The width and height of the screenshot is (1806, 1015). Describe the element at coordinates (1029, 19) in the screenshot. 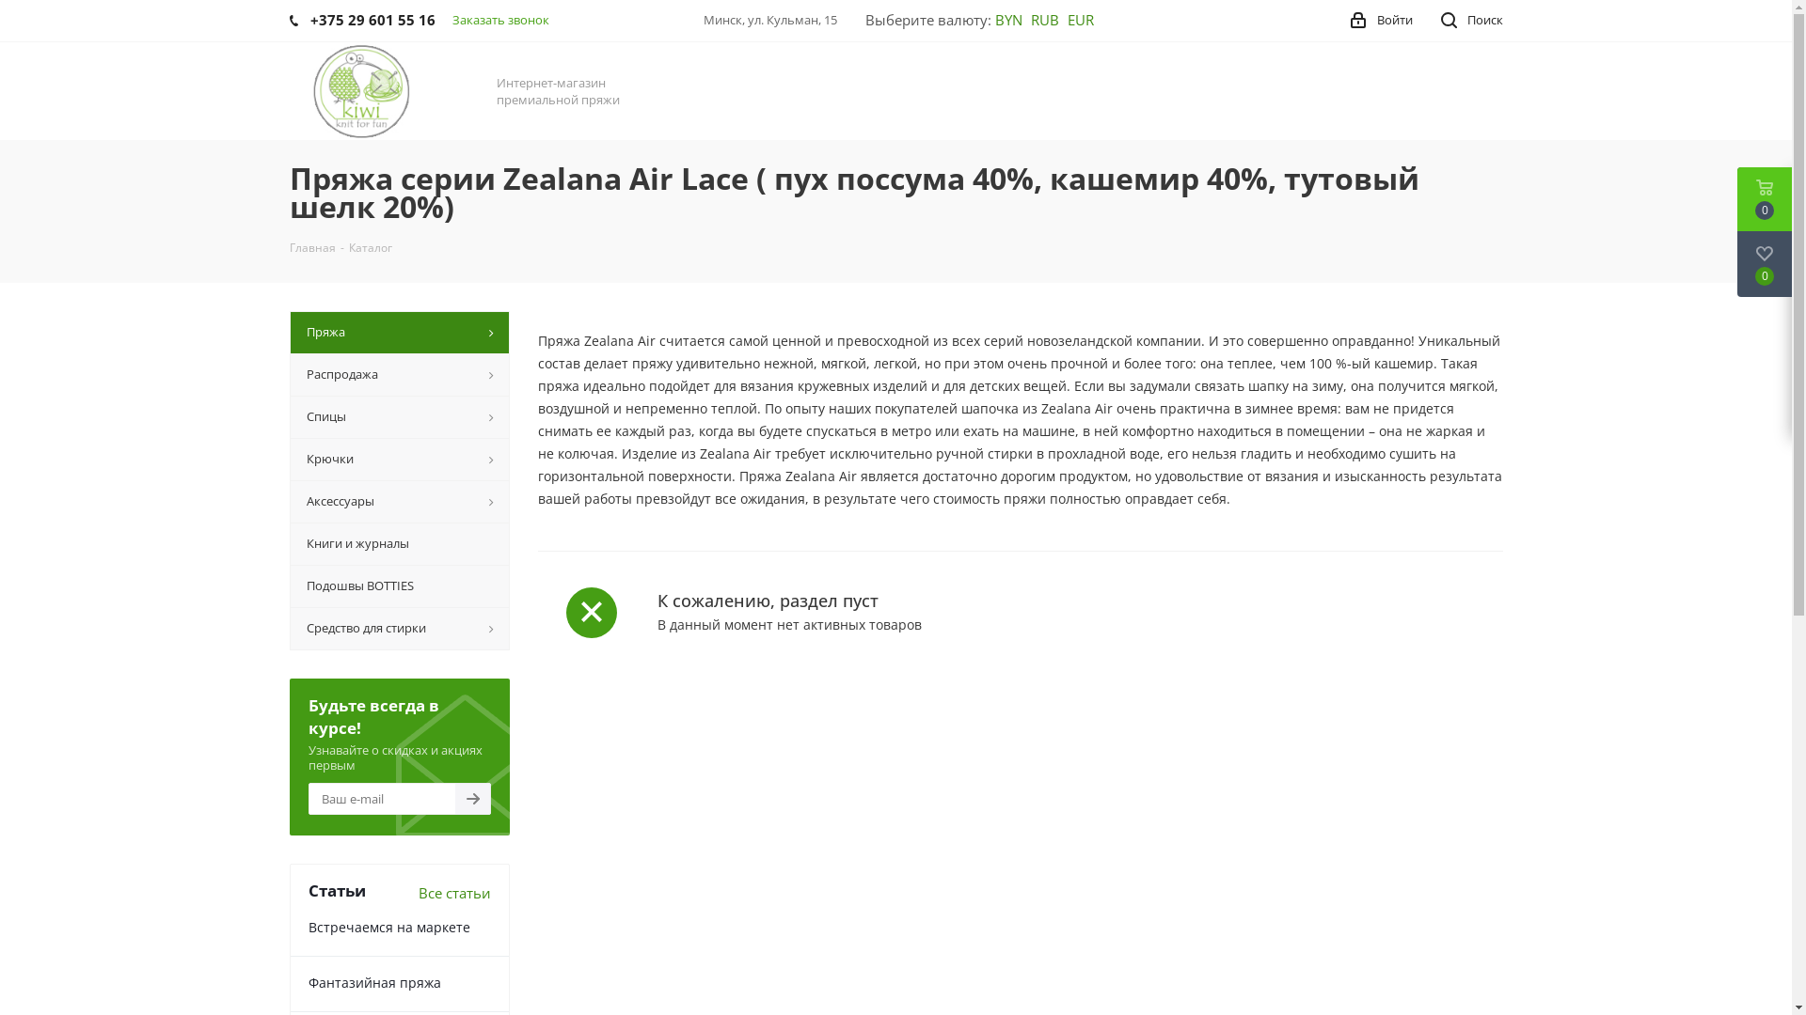

I see `'RUB'` at that location.